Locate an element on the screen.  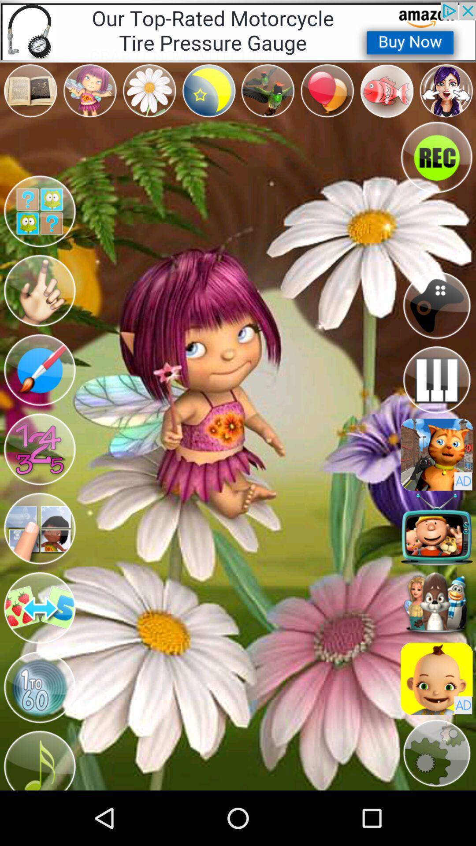
help option is located at coordinates (39, 211).